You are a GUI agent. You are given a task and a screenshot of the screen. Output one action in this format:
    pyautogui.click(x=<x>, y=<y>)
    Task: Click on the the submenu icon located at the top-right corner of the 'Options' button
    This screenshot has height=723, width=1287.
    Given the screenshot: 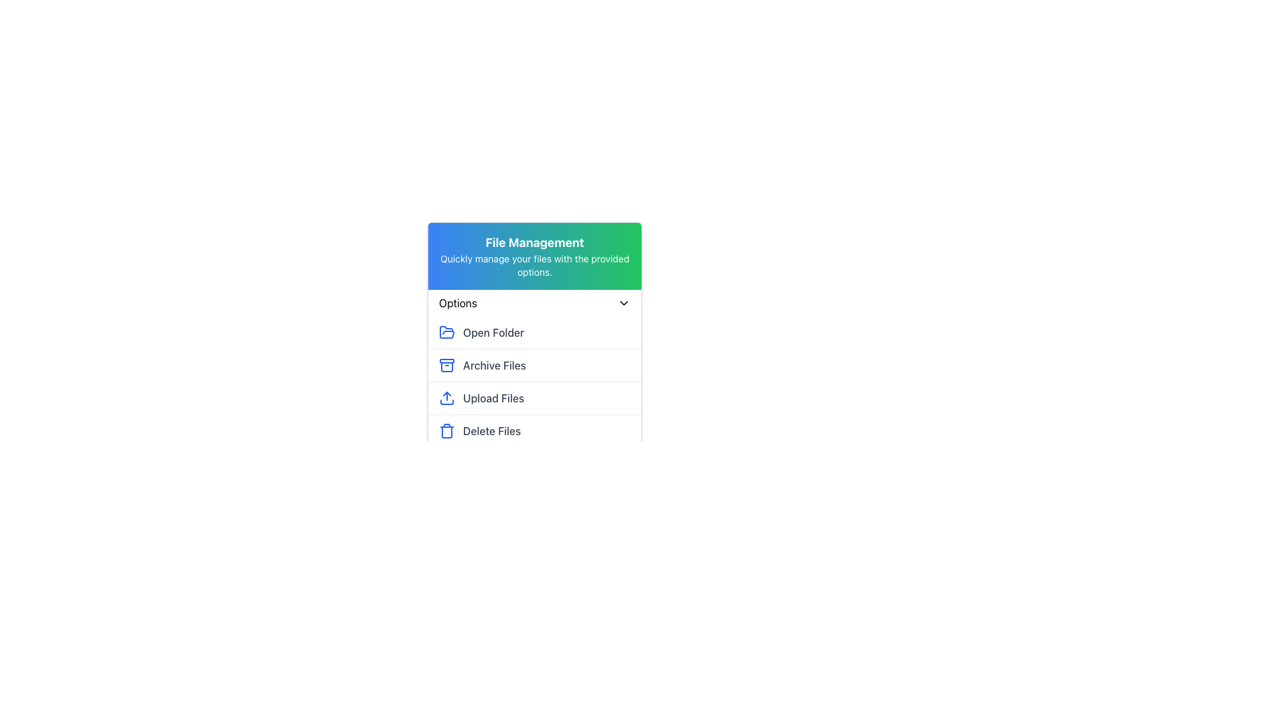 What is the action you would take?
    pyautogui.click(x=623, y=303)
    